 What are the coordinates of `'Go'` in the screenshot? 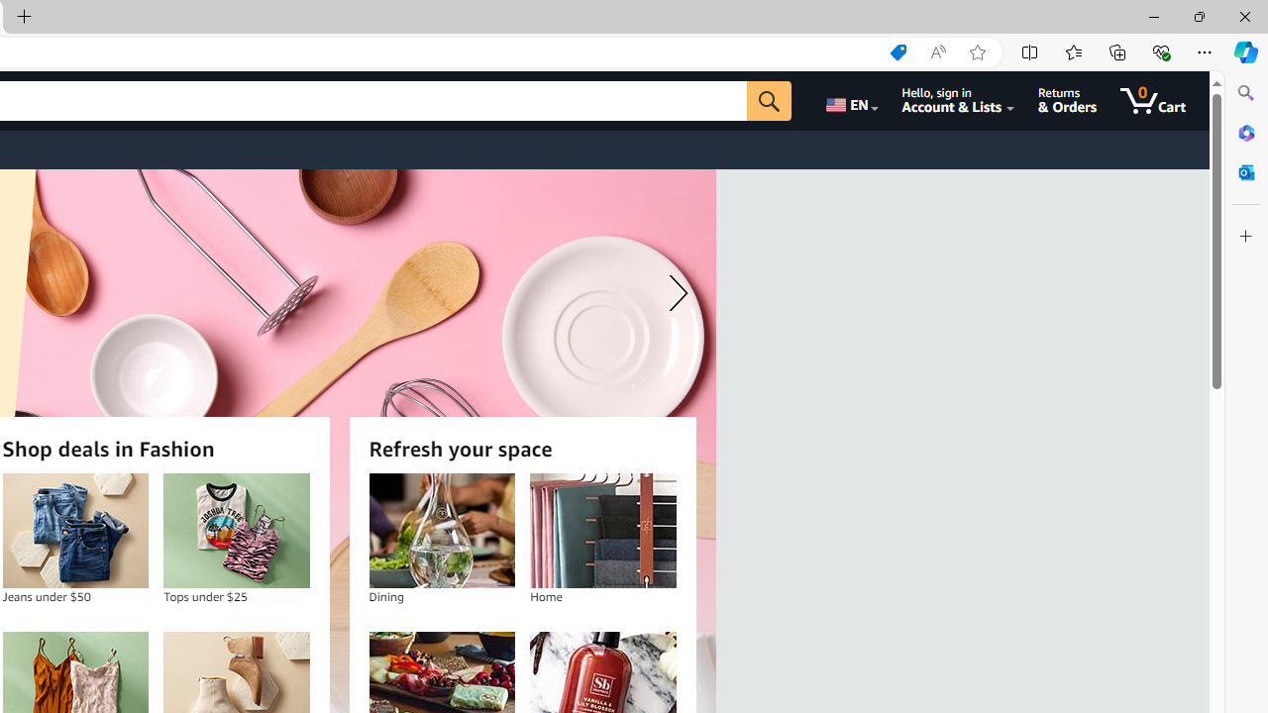 It's located at (768, 100).